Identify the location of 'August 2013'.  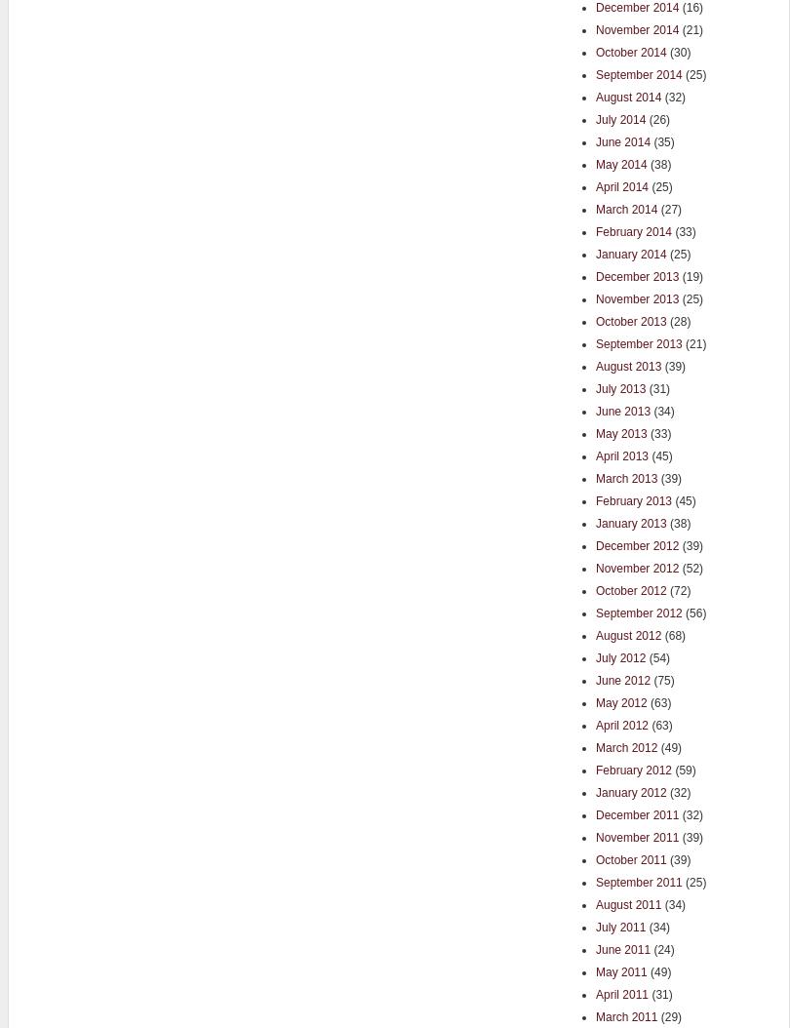
(594, 365).